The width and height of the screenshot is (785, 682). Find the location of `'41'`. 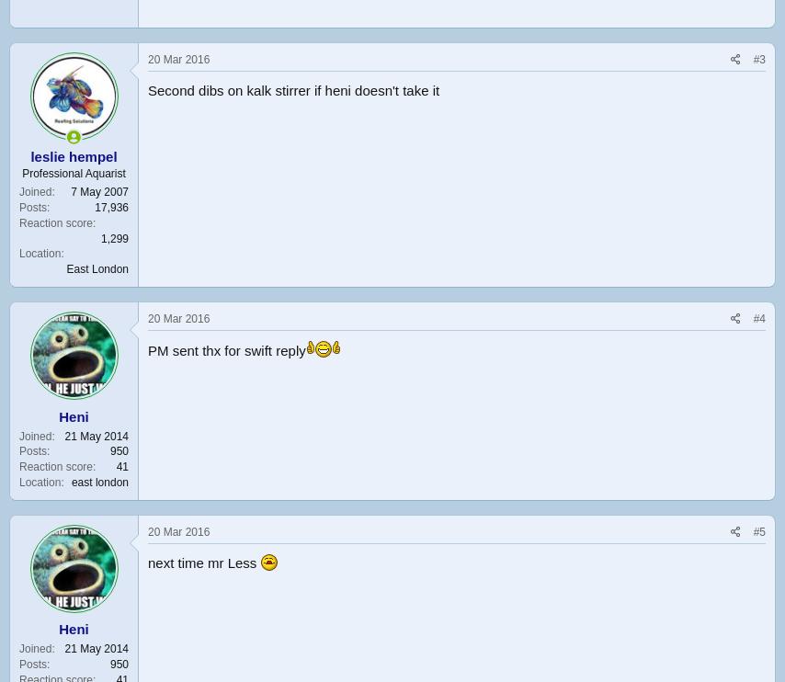

'41' is located at coordinates (120, 466).